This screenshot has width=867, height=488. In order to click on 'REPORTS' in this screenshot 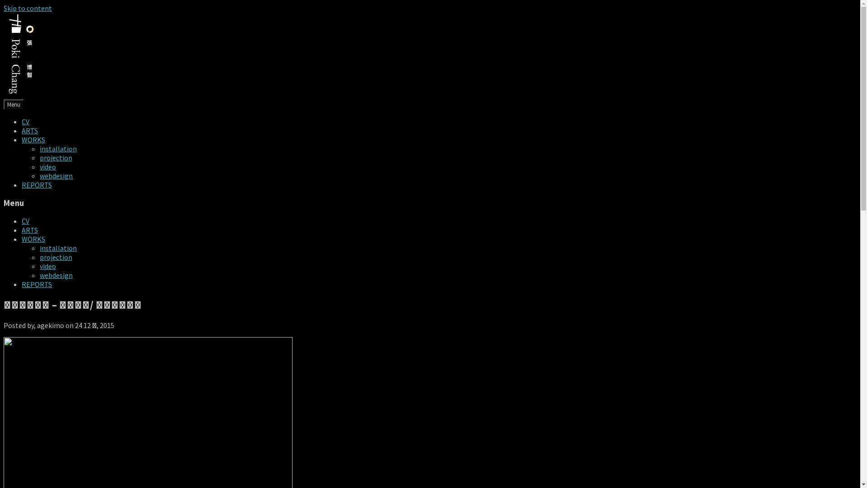, I will do `click(36, 283)`.